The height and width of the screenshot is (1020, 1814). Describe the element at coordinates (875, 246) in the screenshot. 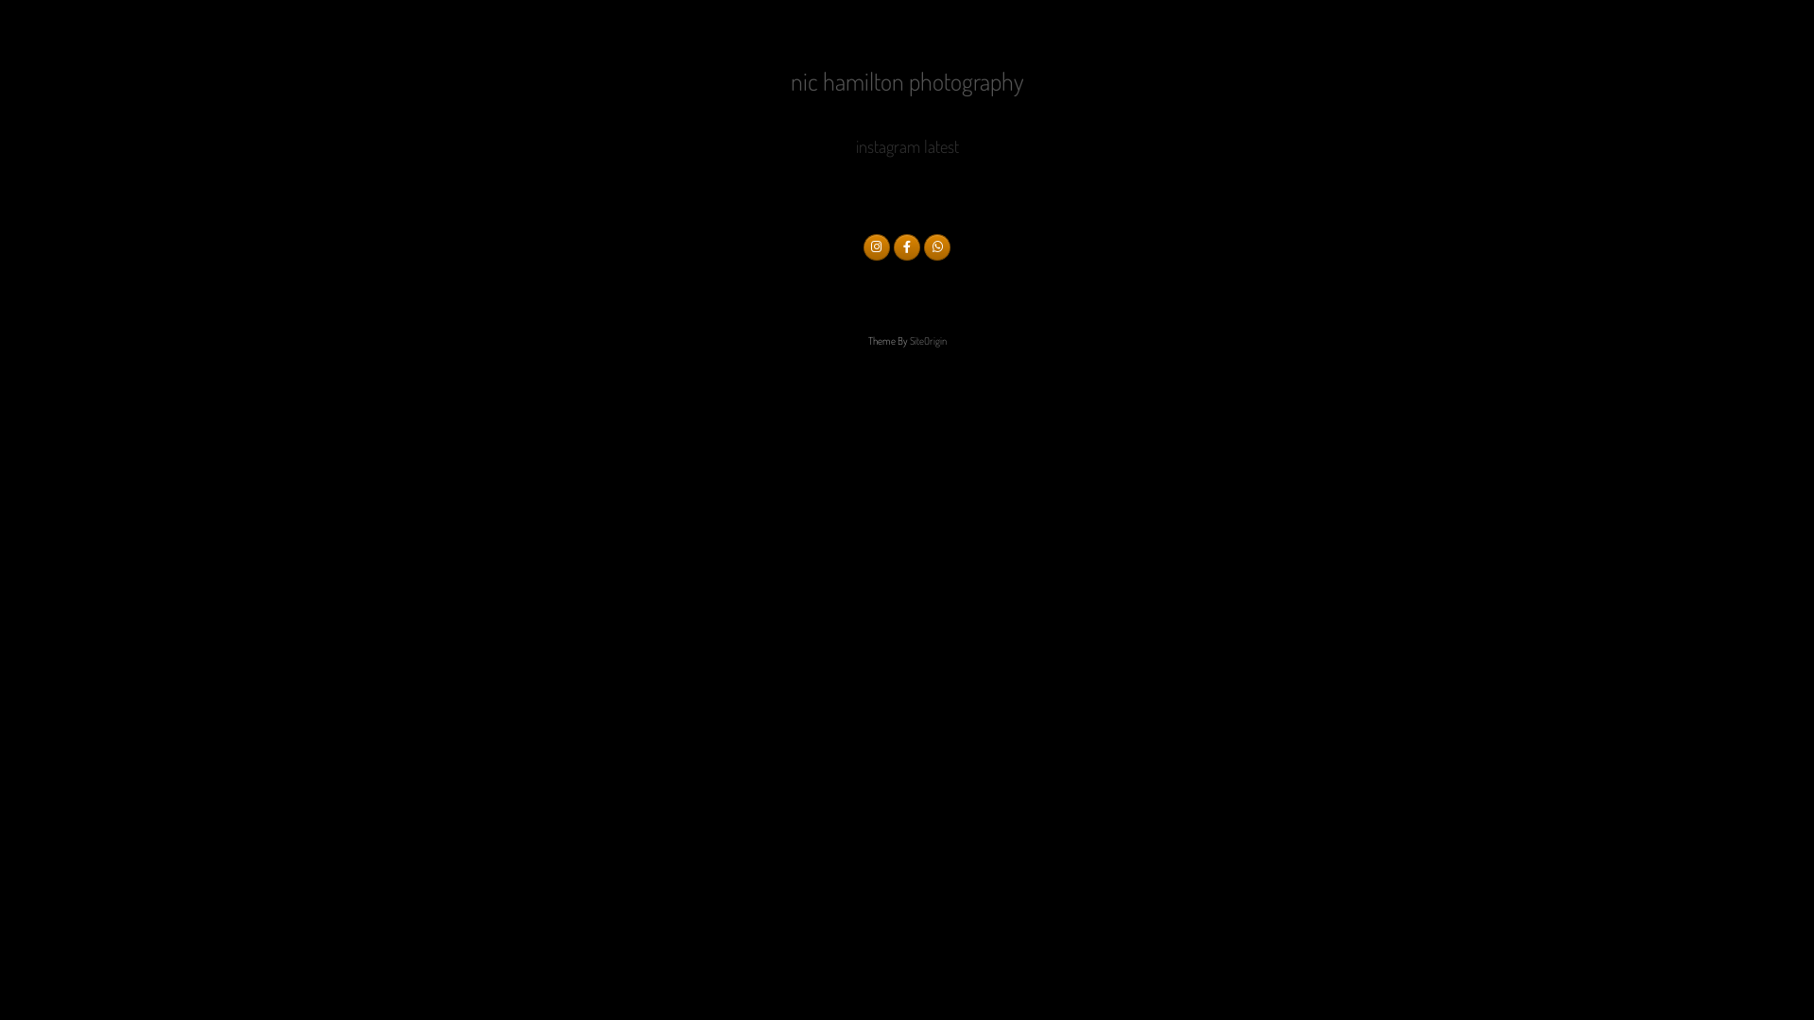

I see `'nic hamilton photography on Instagram'` at that location.